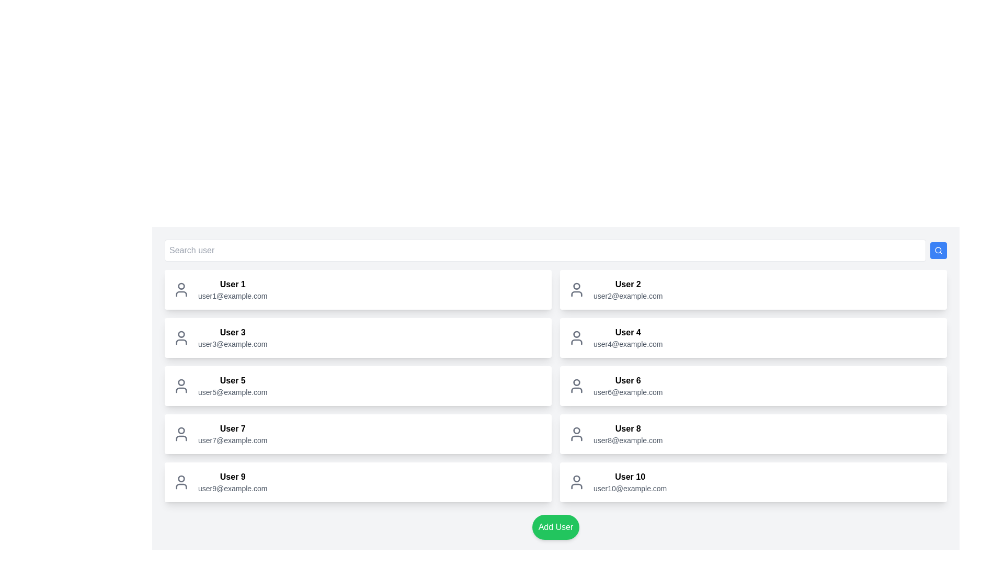 Image resolution: width=1004 pixels, height=565 pixels. Describe the element at coordinates (576, 382) in the screenshot. I see `the circular head component of the user icon if it is enabled` at that location.